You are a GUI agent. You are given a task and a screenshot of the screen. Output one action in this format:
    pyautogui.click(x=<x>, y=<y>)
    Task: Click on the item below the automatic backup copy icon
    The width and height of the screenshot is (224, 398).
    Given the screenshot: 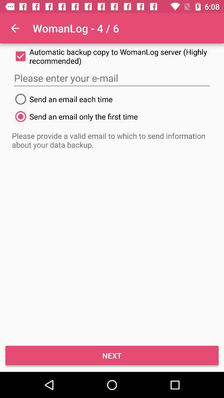 What is the action you would take?
    pyautogui.click(x=112, y=78)
    